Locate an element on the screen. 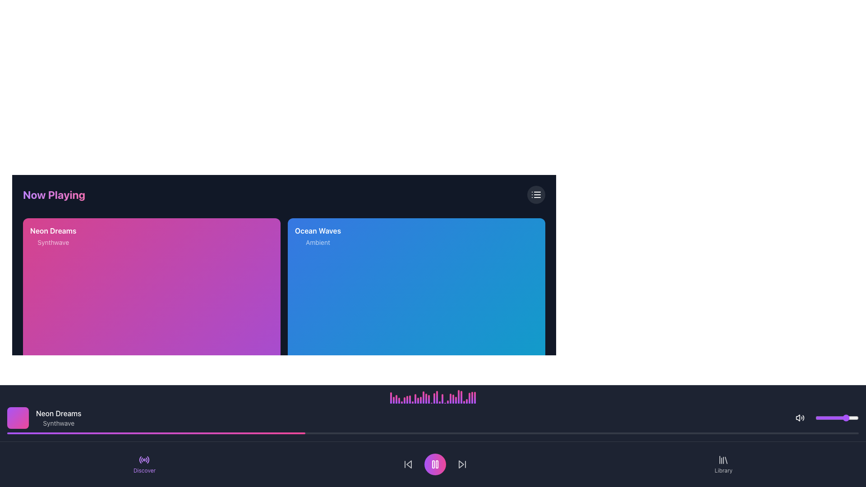 This screenshot has width=866, height=487. the 'Library' text label is located at coordinates (723, 470).